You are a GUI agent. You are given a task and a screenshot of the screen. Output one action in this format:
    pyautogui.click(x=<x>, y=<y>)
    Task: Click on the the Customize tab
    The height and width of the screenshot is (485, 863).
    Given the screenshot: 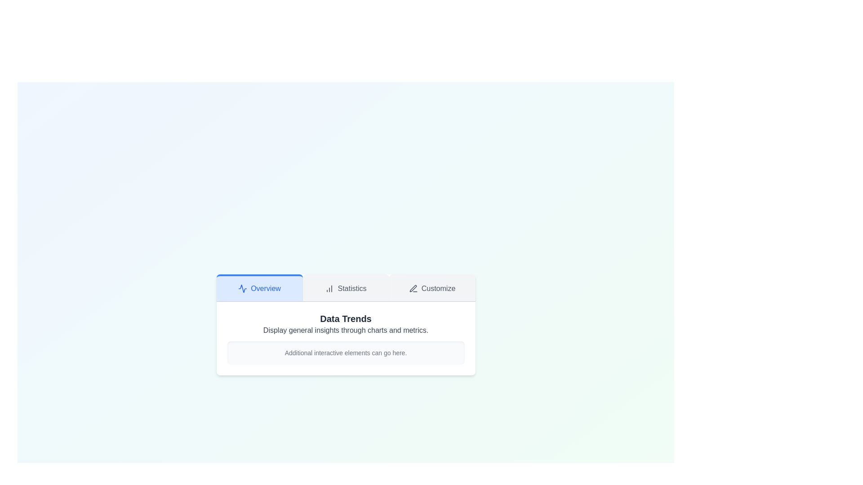 What is the action you would take?
    pyautogui.click(x=432, y=287)
    